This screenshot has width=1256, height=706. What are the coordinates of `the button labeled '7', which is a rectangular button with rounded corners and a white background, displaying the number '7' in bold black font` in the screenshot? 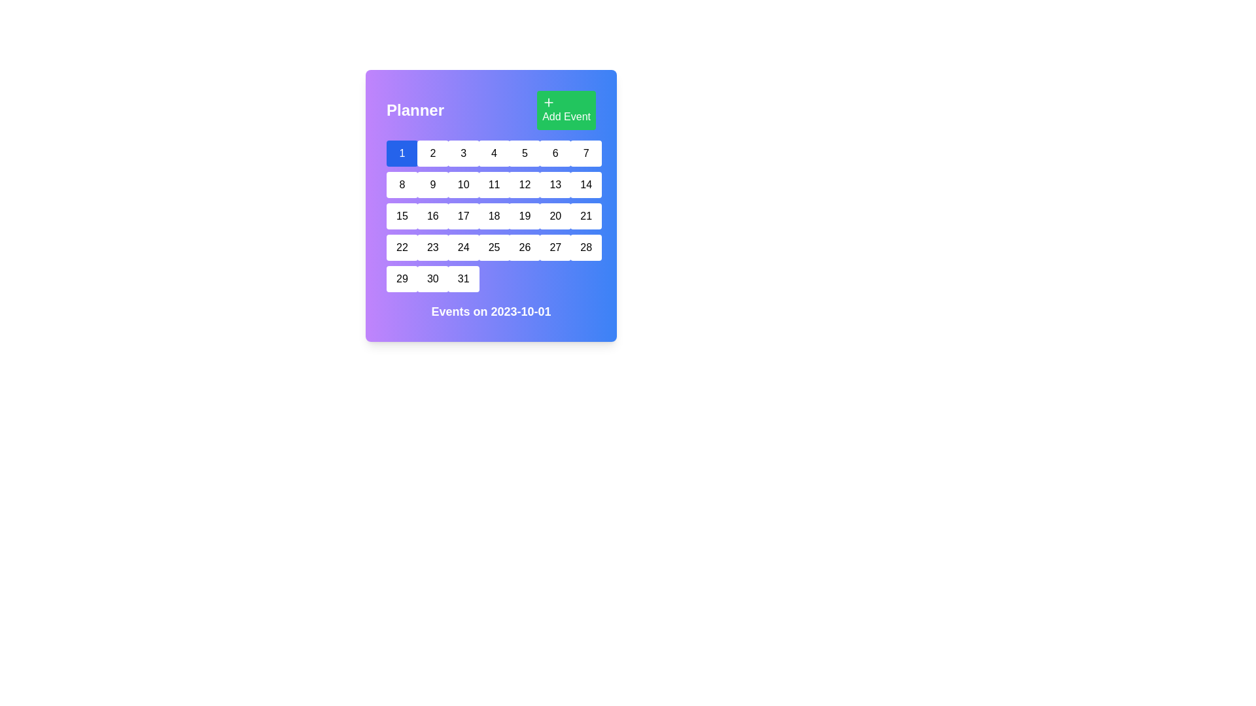 It's located at (585, 153).